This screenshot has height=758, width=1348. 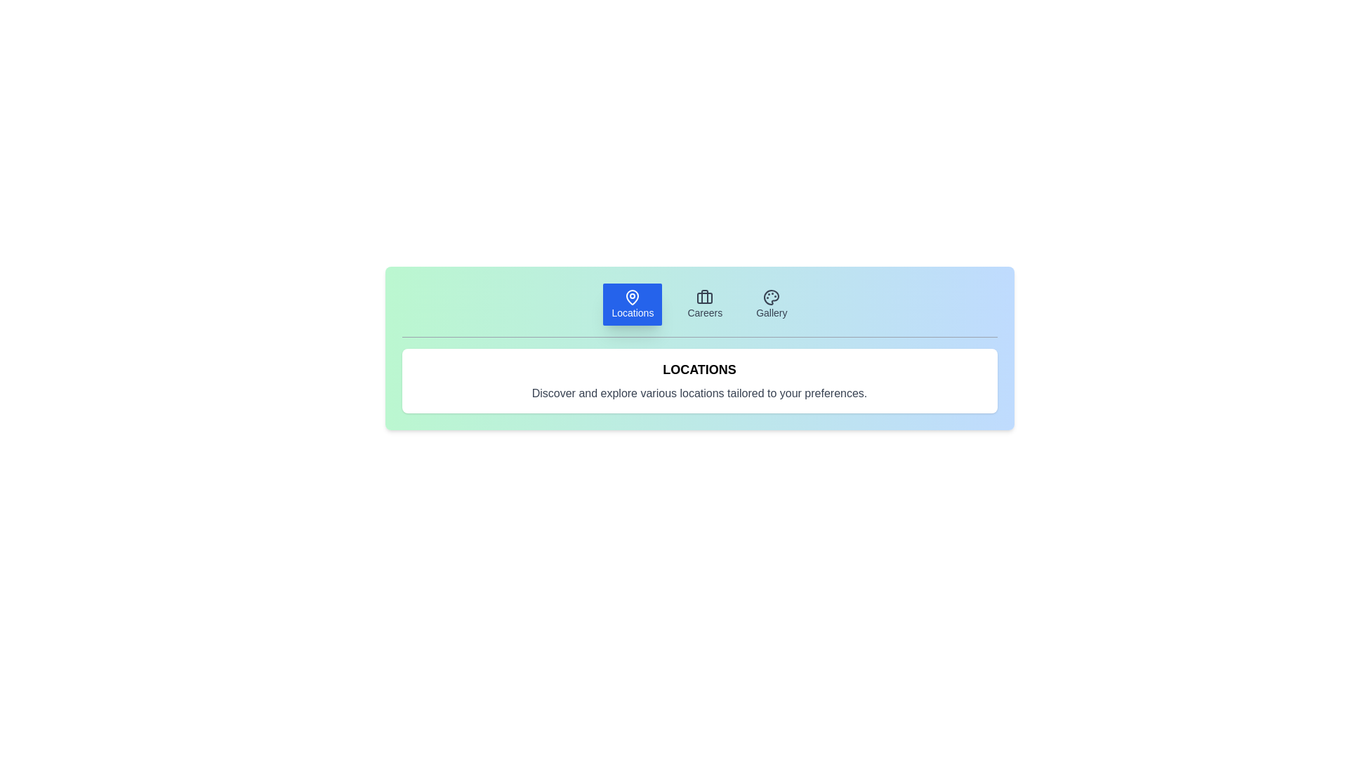 I want to click on the Careers tab to display its content, so click(x=704, y=304).